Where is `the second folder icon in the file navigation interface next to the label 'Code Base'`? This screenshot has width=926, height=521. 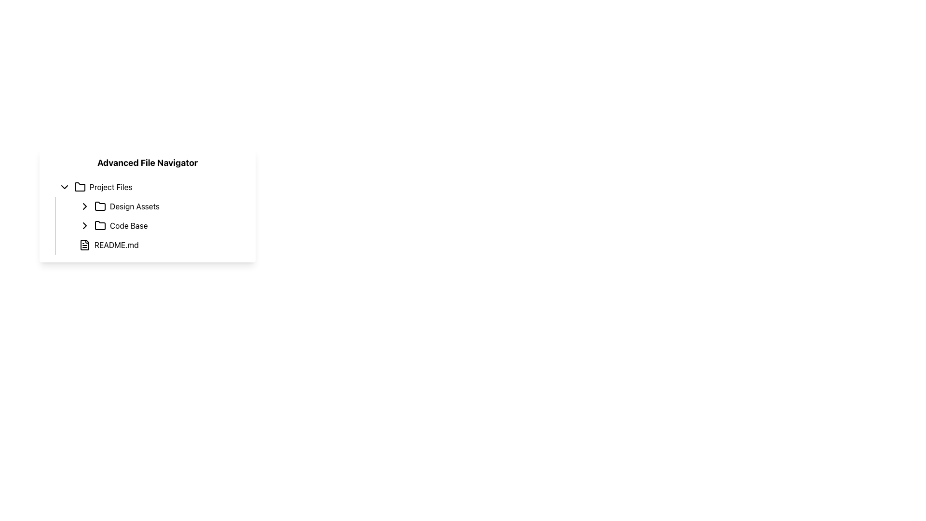
the second folder icon in the file navigation interface next to the label 'Code Base' is located at coordinates (100, 225).